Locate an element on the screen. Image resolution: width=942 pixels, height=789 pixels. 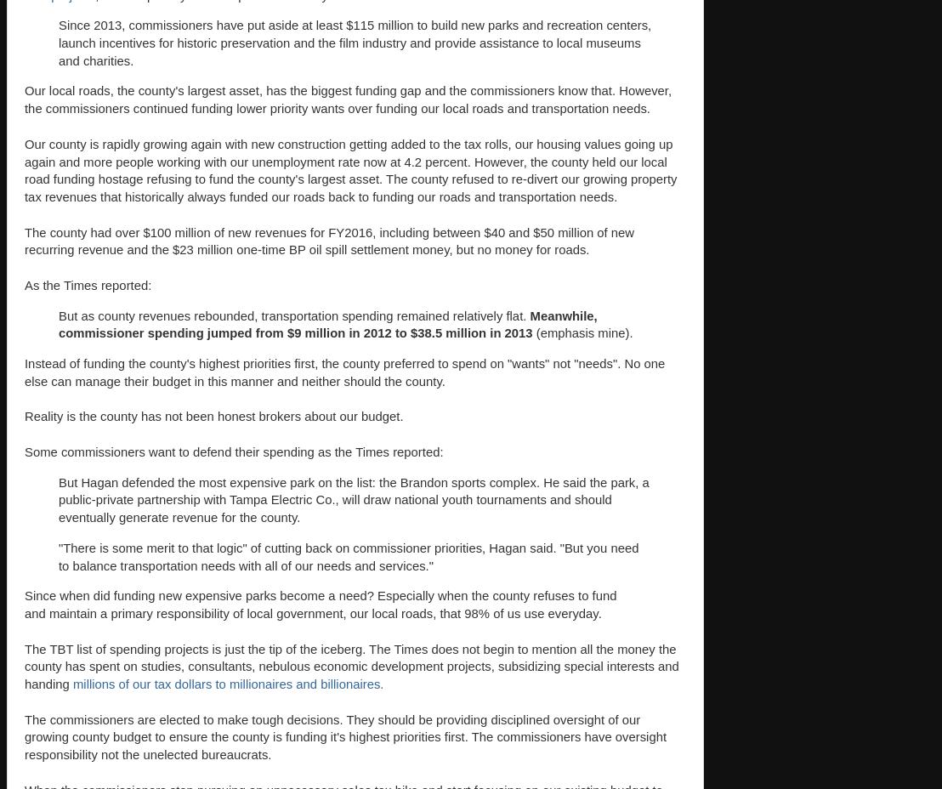
'Some commissioners want to defend their spending as the Times reported:' is located at coordinates (25, 451).